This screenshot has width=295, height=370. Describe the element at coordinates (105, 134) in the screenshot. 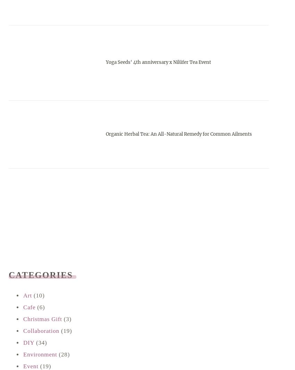

I see `'Organic Herbal Tea: An All-Natural Remedy for Common Ailments'` at that location.